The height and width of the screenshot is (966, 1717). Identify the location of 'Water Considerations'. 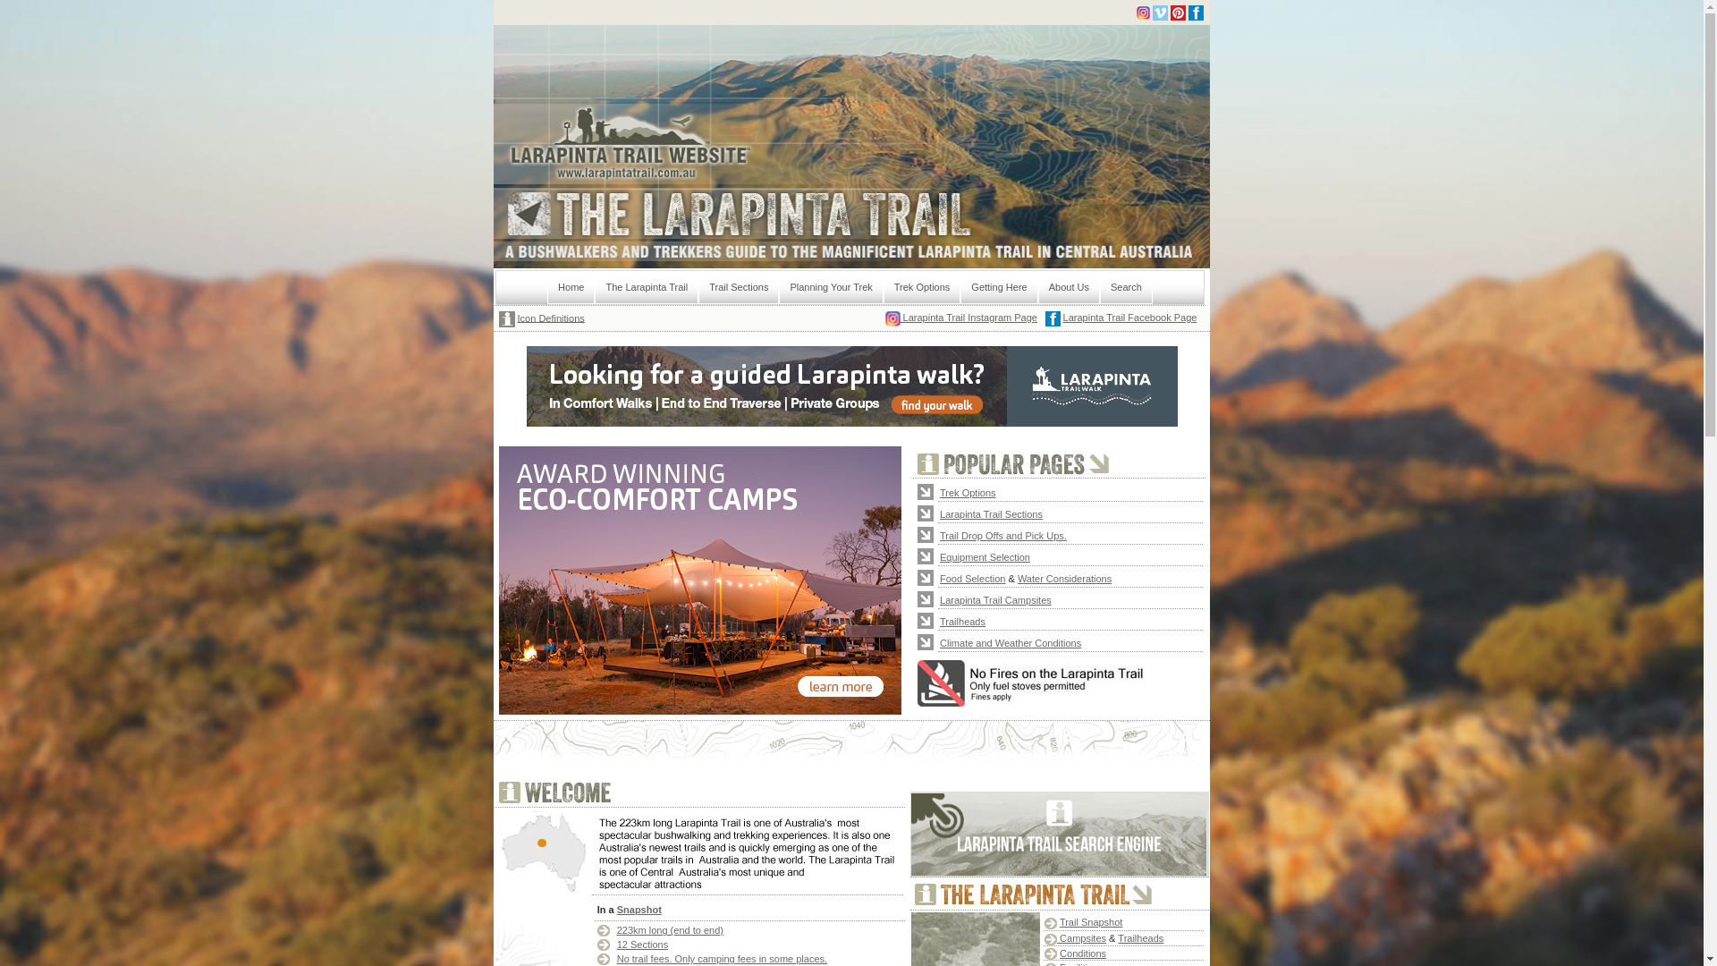
(1064, 577).